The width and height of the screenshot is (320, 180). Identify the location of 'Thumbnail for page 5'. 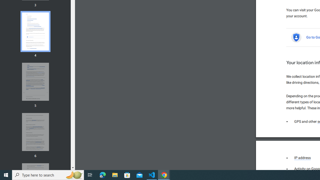
(35, 81).